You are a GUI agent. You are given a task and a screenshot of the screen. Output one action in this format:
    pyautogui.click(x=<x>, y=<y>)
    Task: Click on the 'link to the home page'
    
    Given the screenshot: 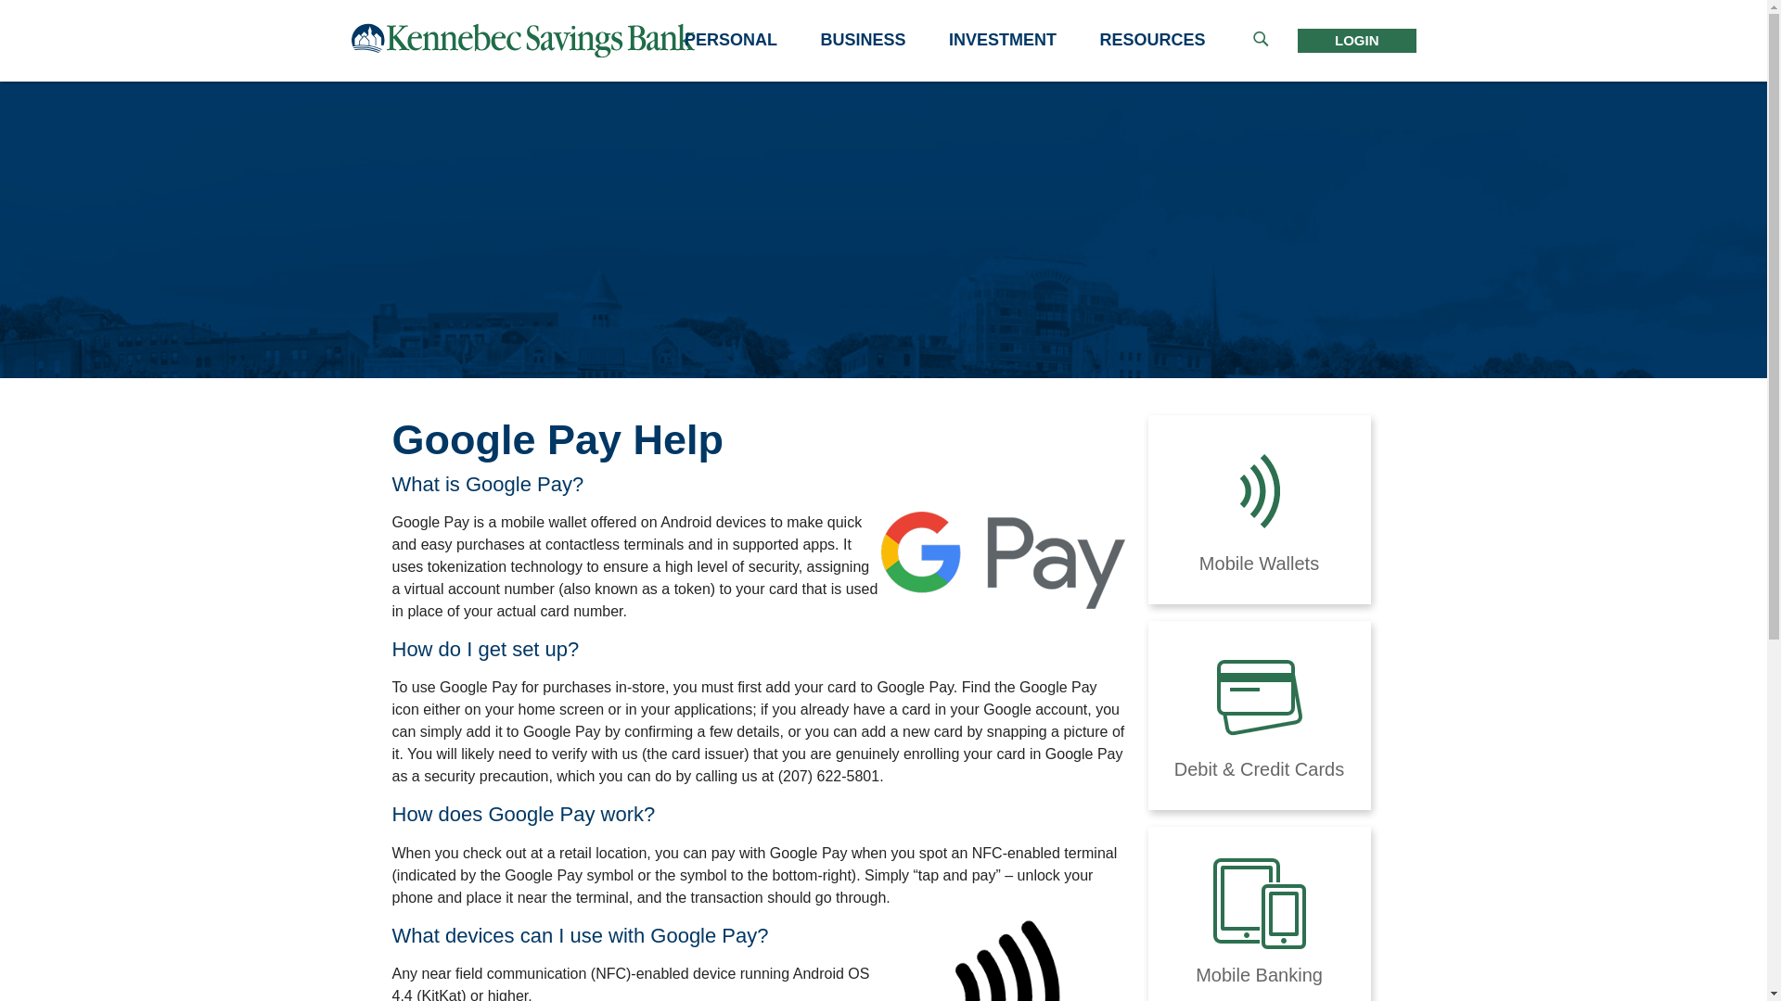 What is the action you would take?
    pyautogui.click(x=520, y=39)
    